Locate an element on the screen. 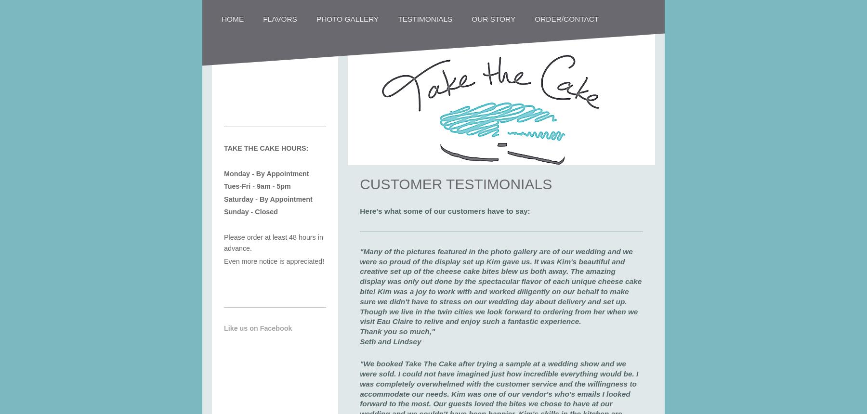  'Order/Contact' is located at coordinates (566, 18).